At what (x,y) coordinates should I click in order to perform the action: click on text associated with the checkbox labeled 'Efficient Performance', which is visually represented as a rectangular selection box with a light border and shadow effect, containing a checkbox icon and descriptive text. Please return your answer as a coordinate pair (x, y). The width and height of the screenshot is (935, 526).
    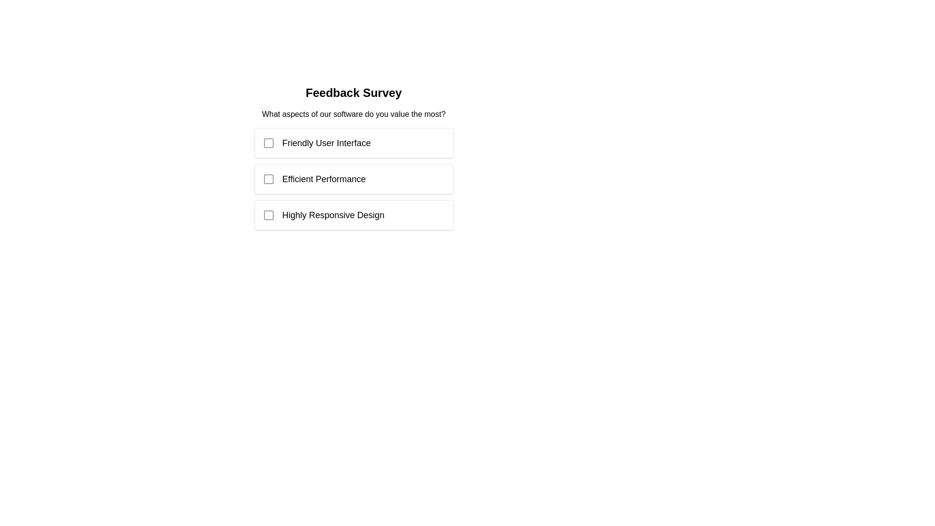
    Looking at the image, I should click on (353, 179).